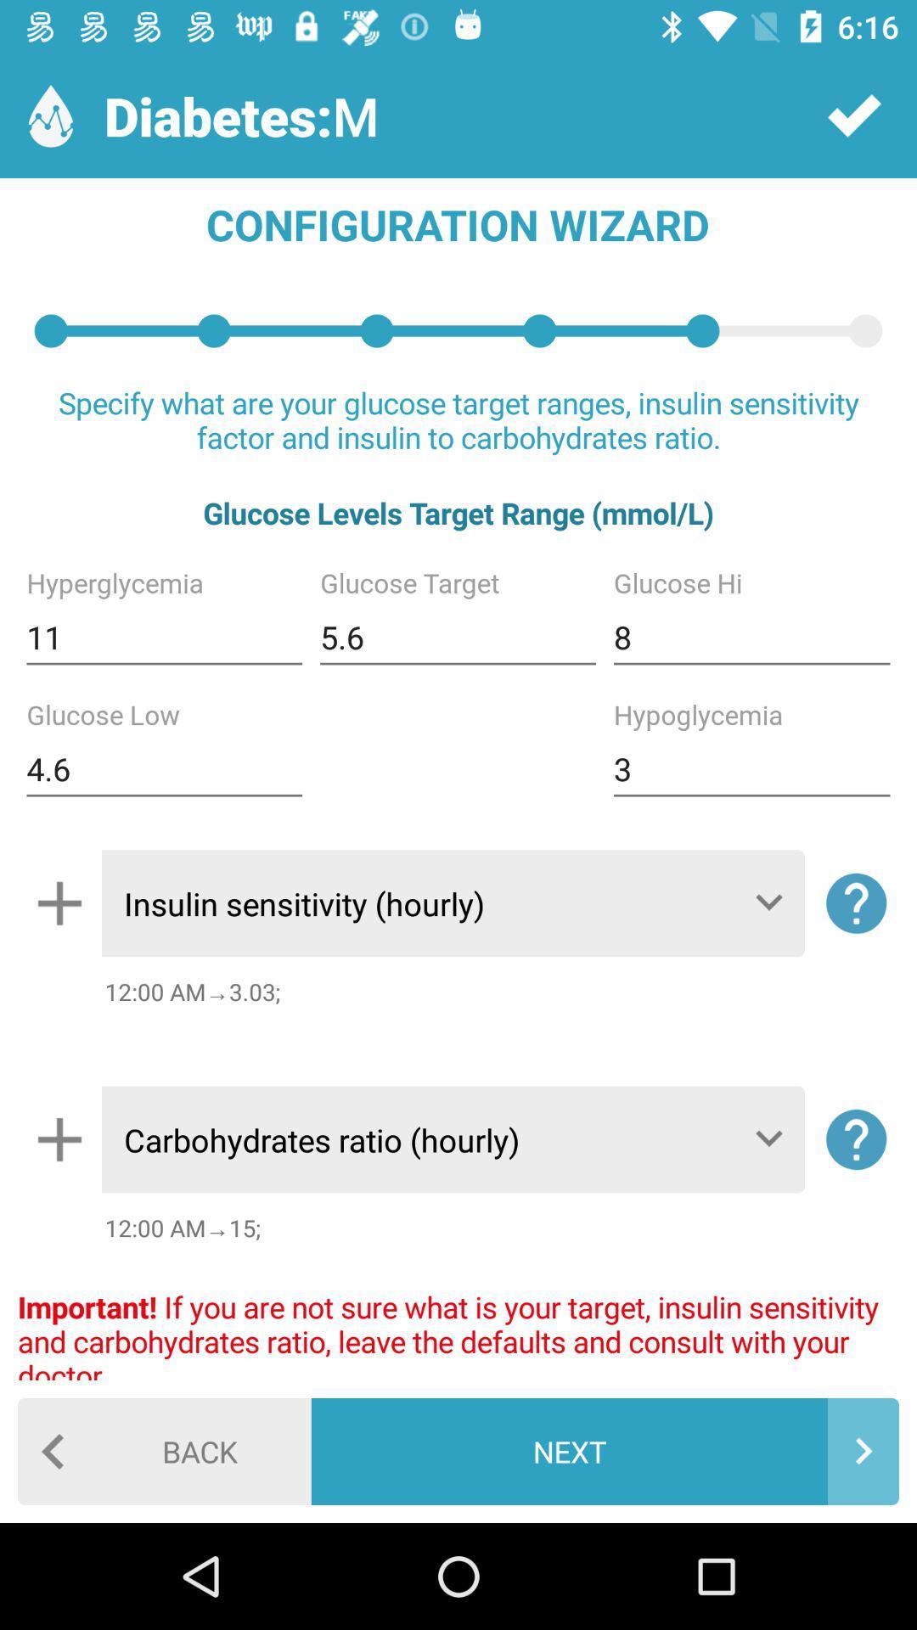  What do you see at coordinates (856, 902) in the screenshot?
I see `the help icon` at bounding box center [856, 902].